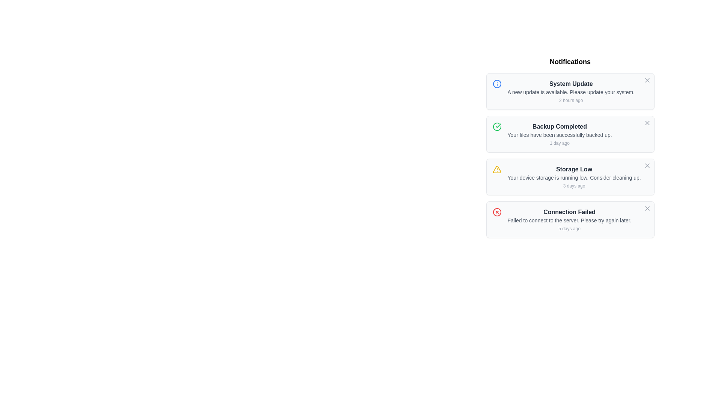  What do you see at coordinates (647, 165) in the screenshot?
I see `the close button located at the upper-right corner of the 'Storage Low' notification alert to change its color` at bounding box center [647, 165].